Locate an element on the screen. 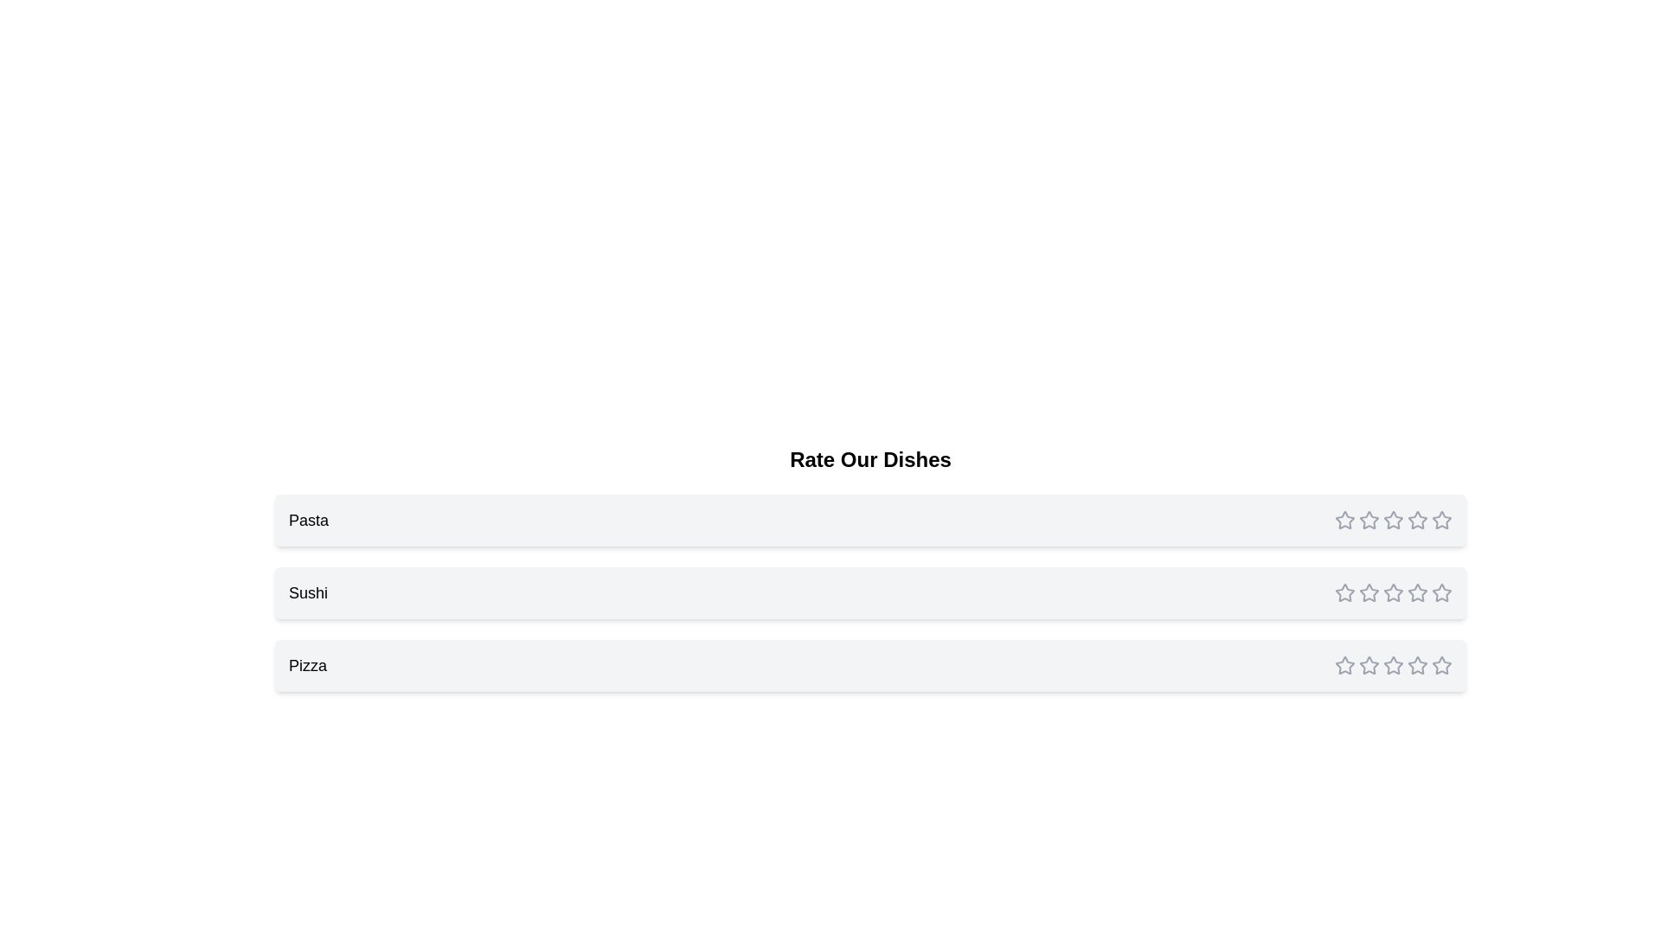  the first star icon in the rating system for the dish labeled 'Sushi' is located at coordinates (1344, 592).